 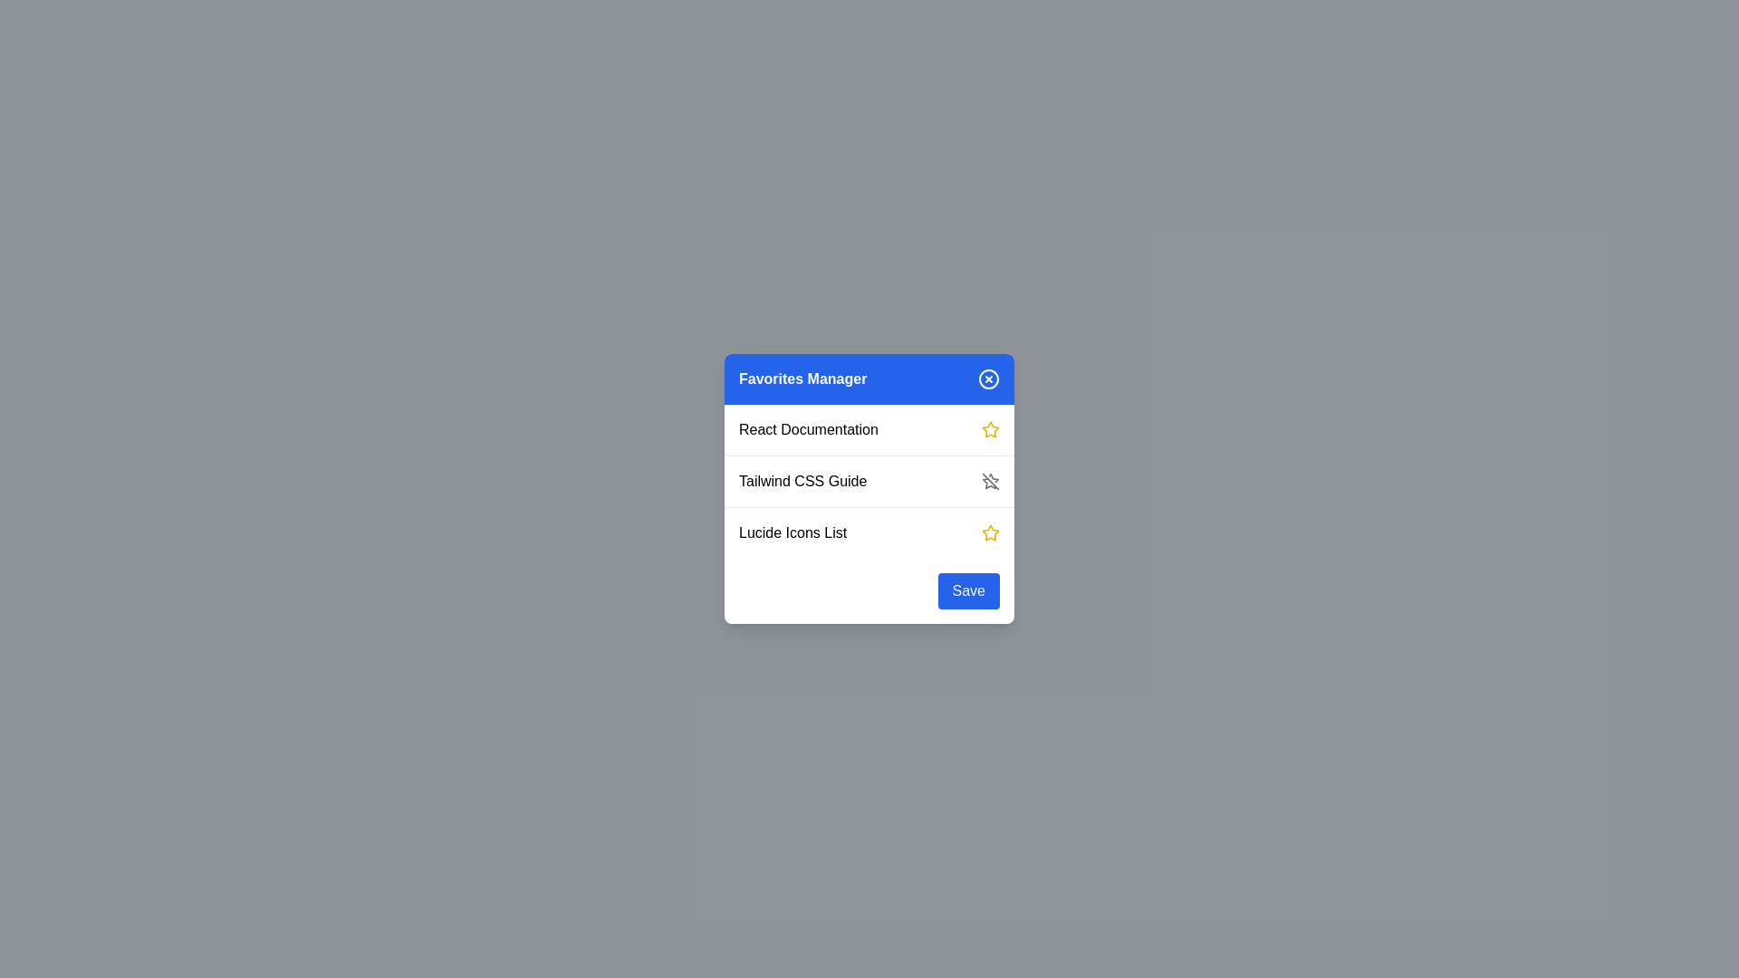 I want to click on the close button of the Favorites Manager dialog, so click(x=987, y=379).